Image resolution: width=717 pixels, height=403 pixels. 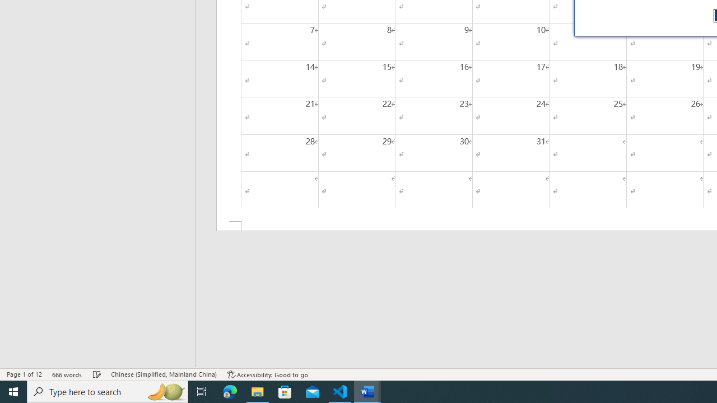 I want to click on 'Microsoft Store', so click(x=285, y=391).